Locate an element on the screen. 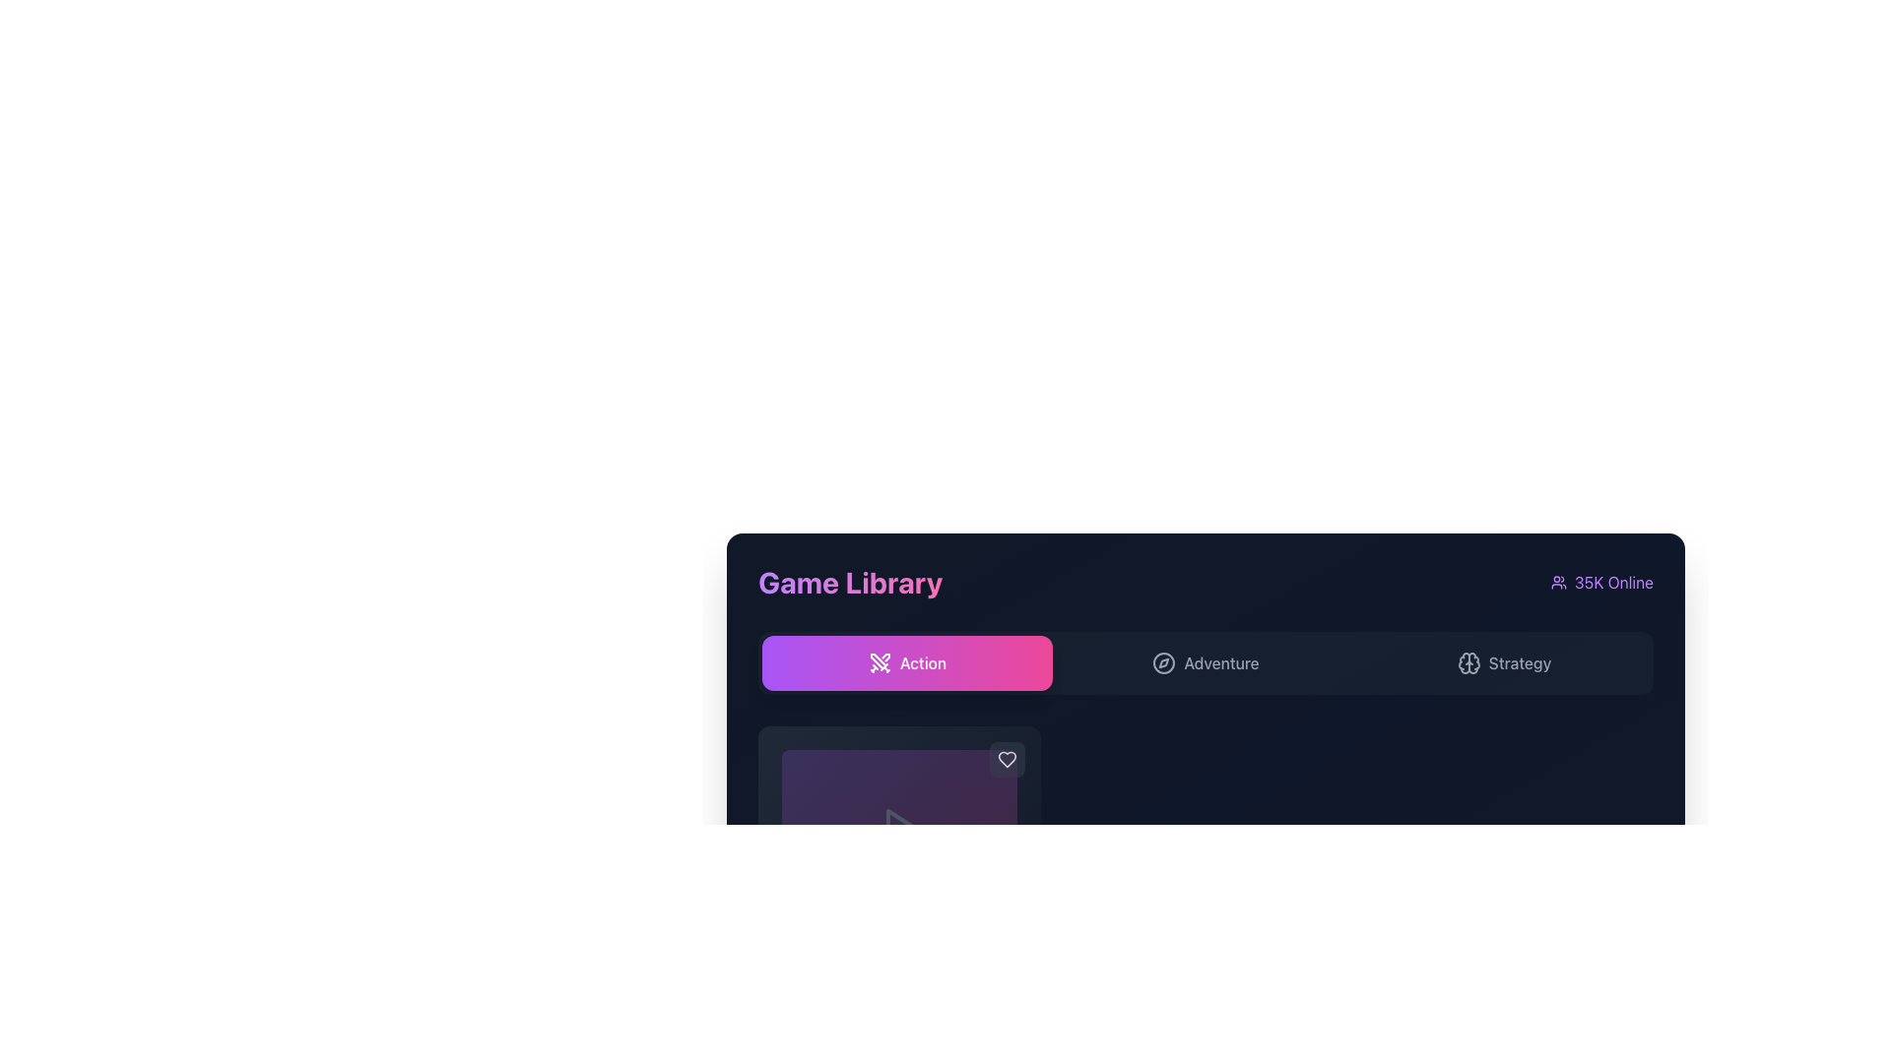  the rectangular button with a gradient background transitioning from purple to pink, featuring an icon of crossed swords on the left and the word 'Action' in white text on the right is located at coordinates (906, 663).